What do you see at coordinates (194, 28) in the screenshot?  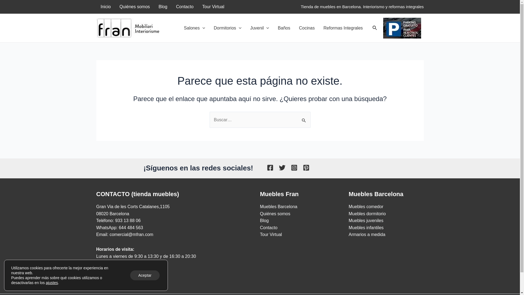 I see `'Salones'` at bounding box center [194, 28].